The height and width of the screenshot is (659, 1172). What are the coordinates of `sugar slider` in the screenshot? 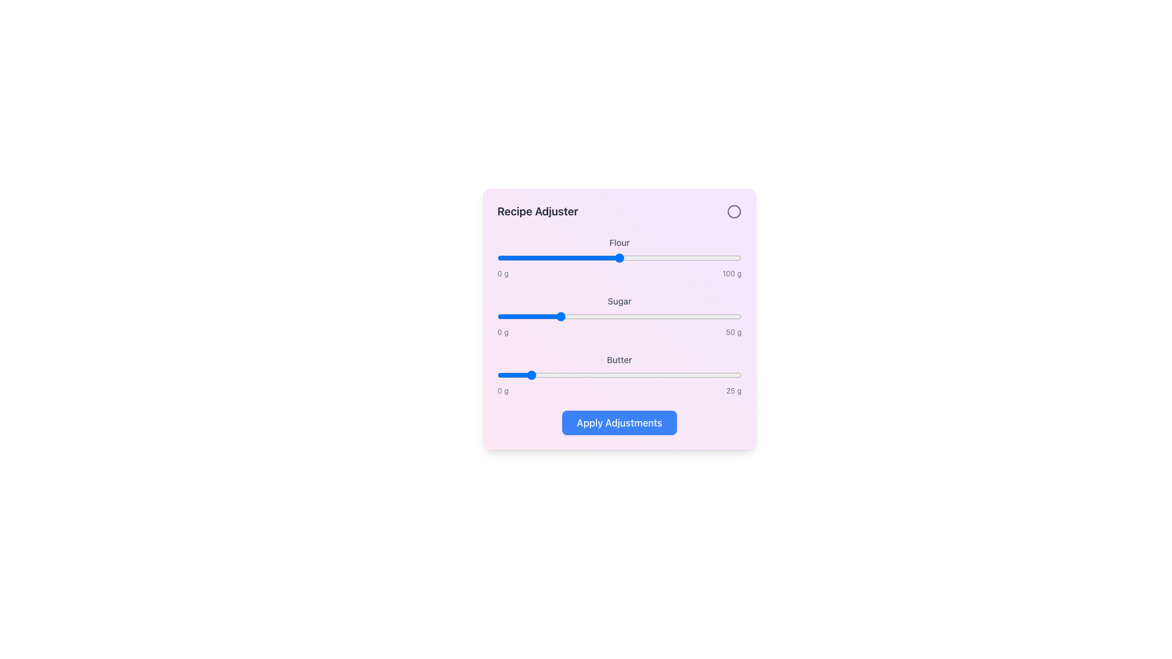 It's located at (736, 316).